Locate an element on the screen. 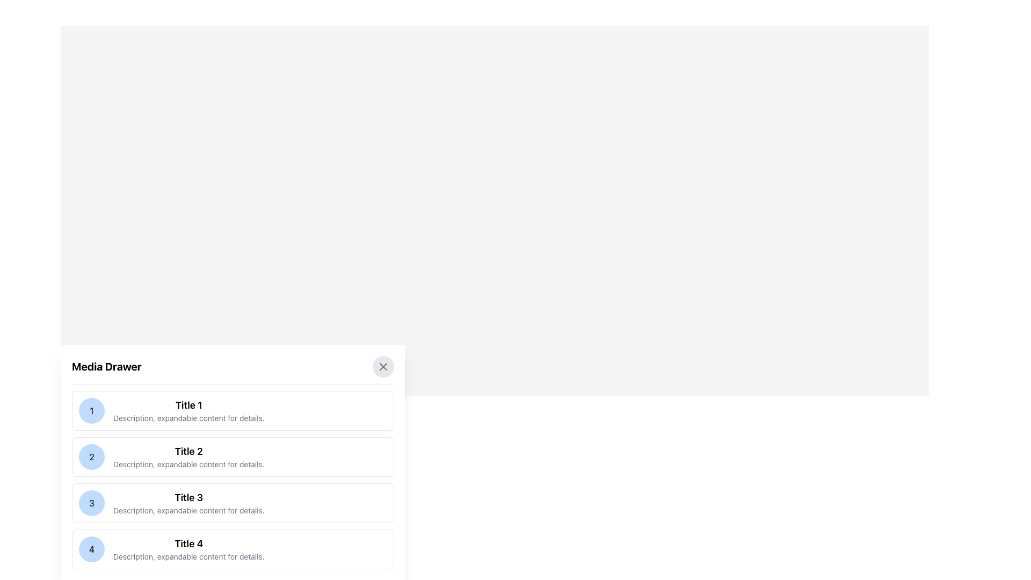 The height and width of the screenshot is (580, 1031). the close button 'X' icon in the top-right corner of the 'Media Drawer' panel to trigger hover effects is located at coordinates (383, 366).